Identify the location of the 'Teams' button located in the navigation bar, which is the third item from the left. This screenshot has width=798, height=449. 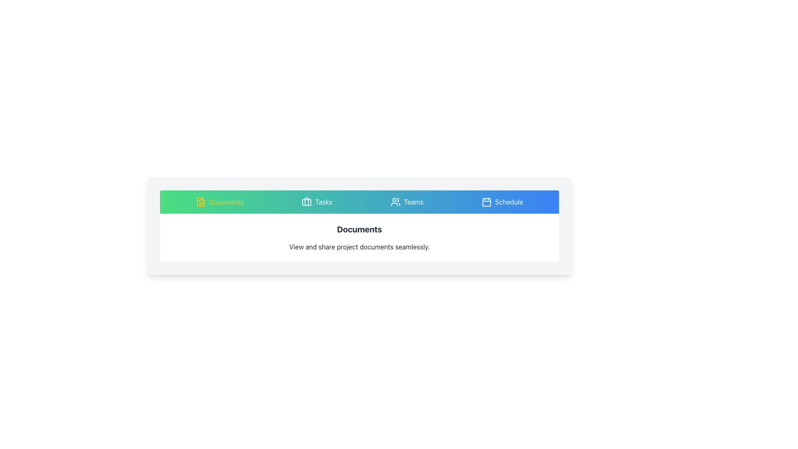
(407, 202).